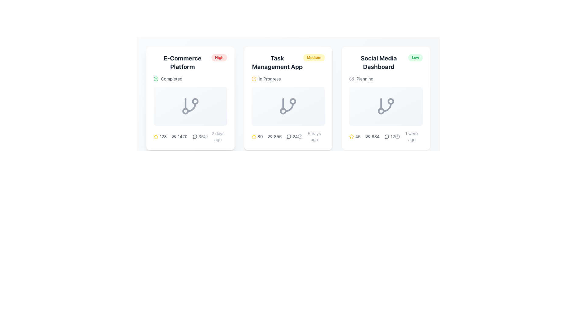  What do you see at coordinates (156, 137) in the screenshot?
I see `the star icon with a yellow fill located in the bottom-left area of the first card, positioned to the left of the number '128'` at bounding box center [156, 137].